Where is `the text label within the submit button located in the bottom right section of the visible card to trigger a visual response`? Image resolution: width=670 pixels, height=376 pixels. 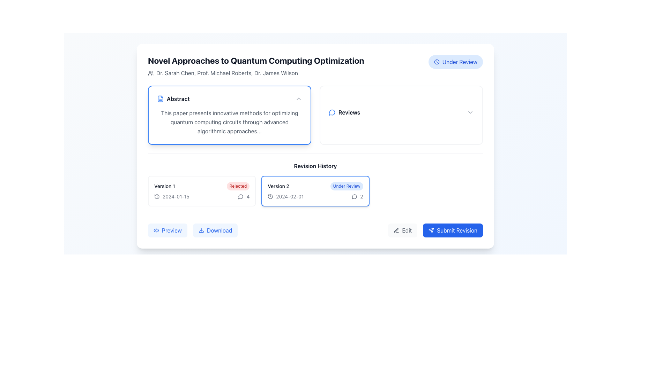 the text label within the submit button located in the bottom right section of the visible card to trigger a visual response is located at coordinates (457, 230).